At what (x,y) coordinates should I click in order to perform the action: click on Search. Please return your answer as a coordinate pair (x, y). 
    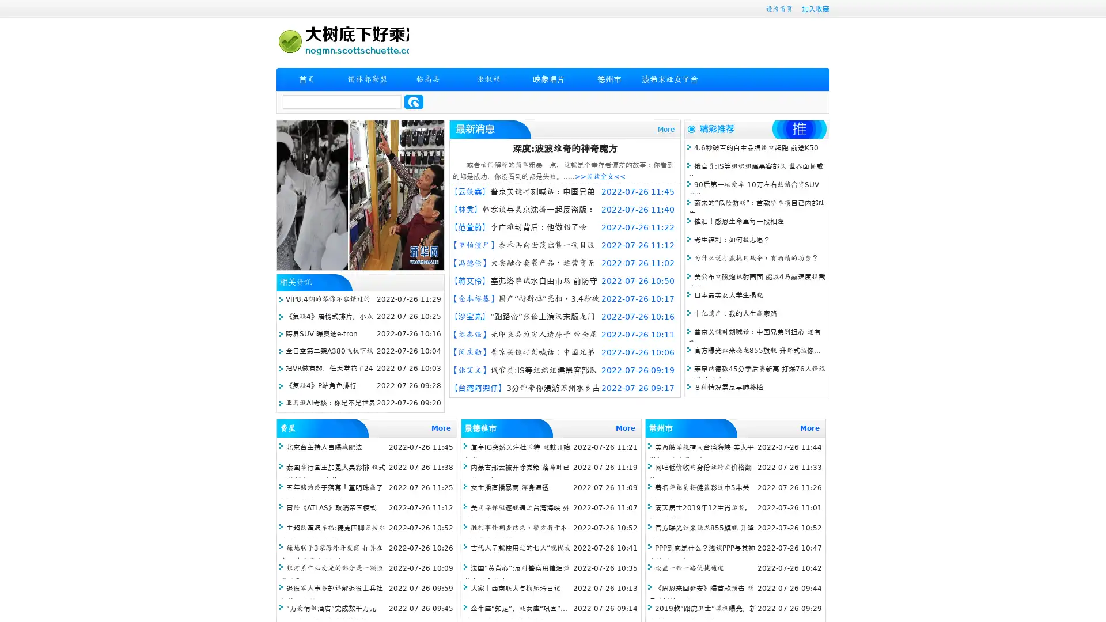
    Looking at the image, I should click on (414, 101).